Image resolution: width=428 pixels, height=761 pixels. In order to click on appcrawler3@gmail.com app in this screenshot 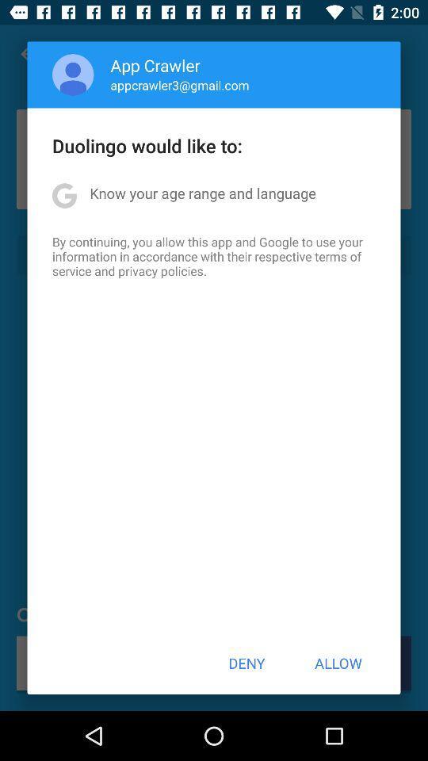, I will do `click(179, 85)`.